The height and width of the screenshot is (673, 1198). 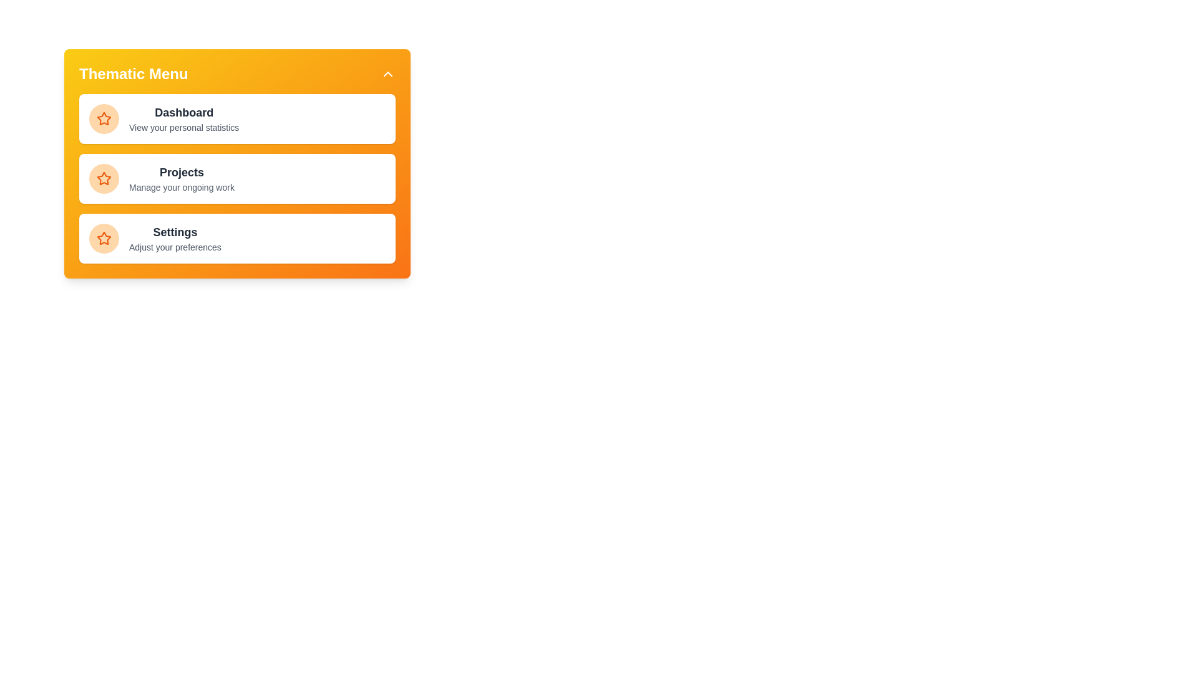 What do you see at coordinates (237, 178) in the screenshot?
I see `the menu item Projects by clicking on it` at bounding box center [237, 178].